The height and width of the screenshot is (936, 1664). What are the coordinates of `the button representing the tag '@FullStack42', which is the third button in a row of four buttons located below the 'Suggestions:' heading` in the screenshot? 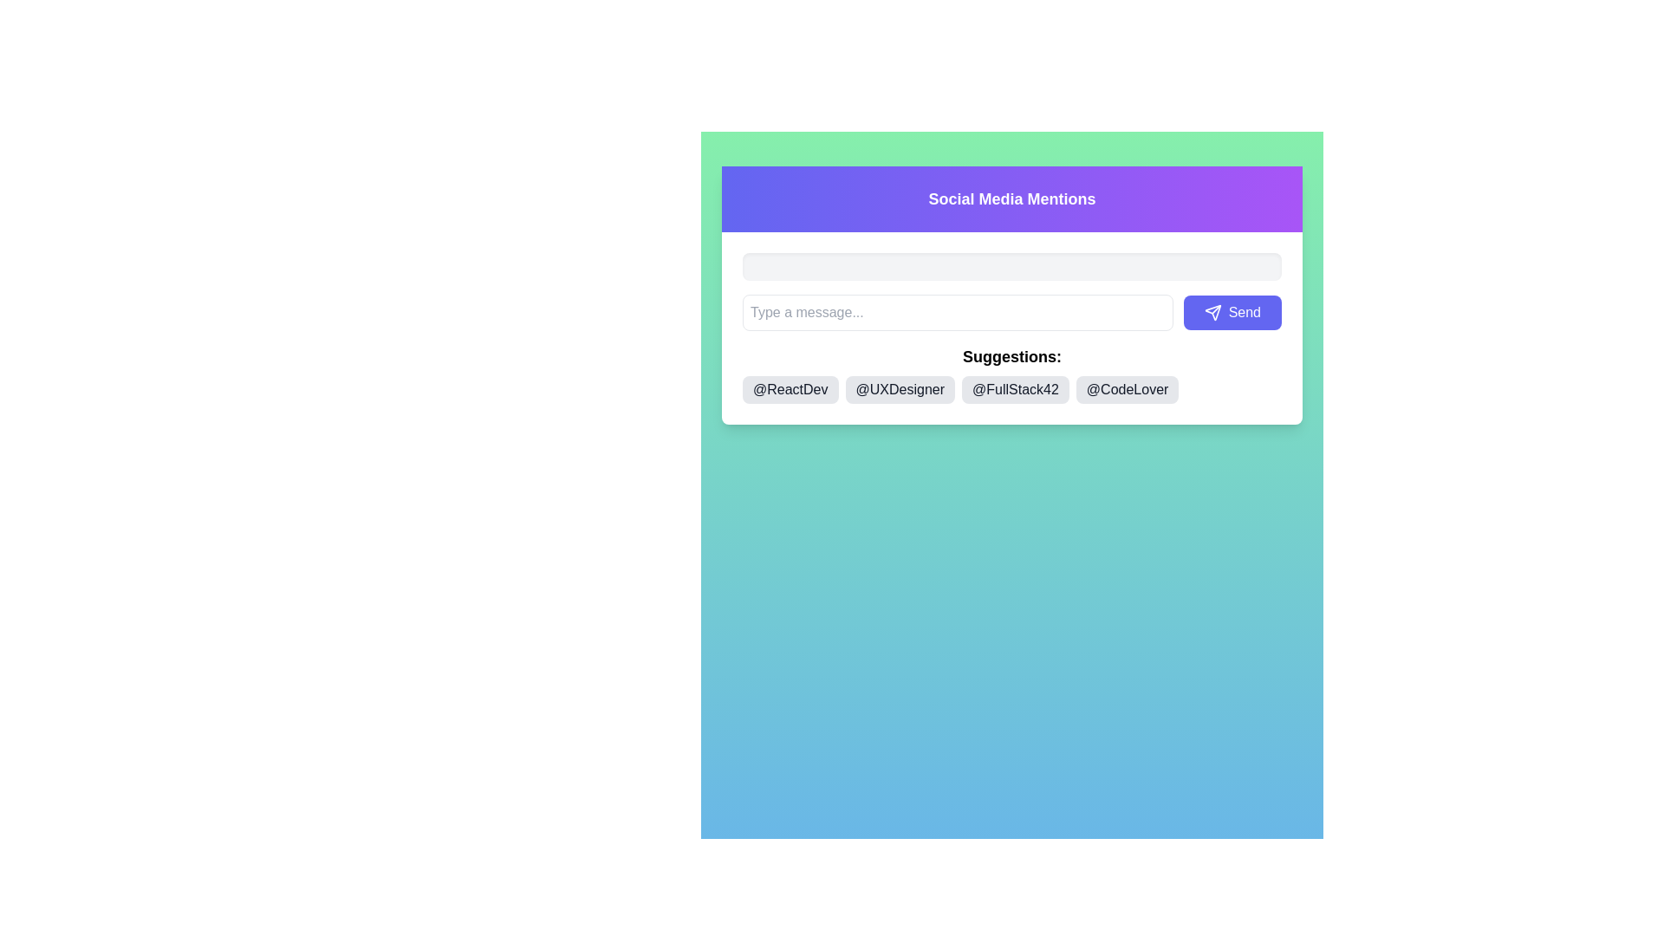 It's located at (1015, 390).